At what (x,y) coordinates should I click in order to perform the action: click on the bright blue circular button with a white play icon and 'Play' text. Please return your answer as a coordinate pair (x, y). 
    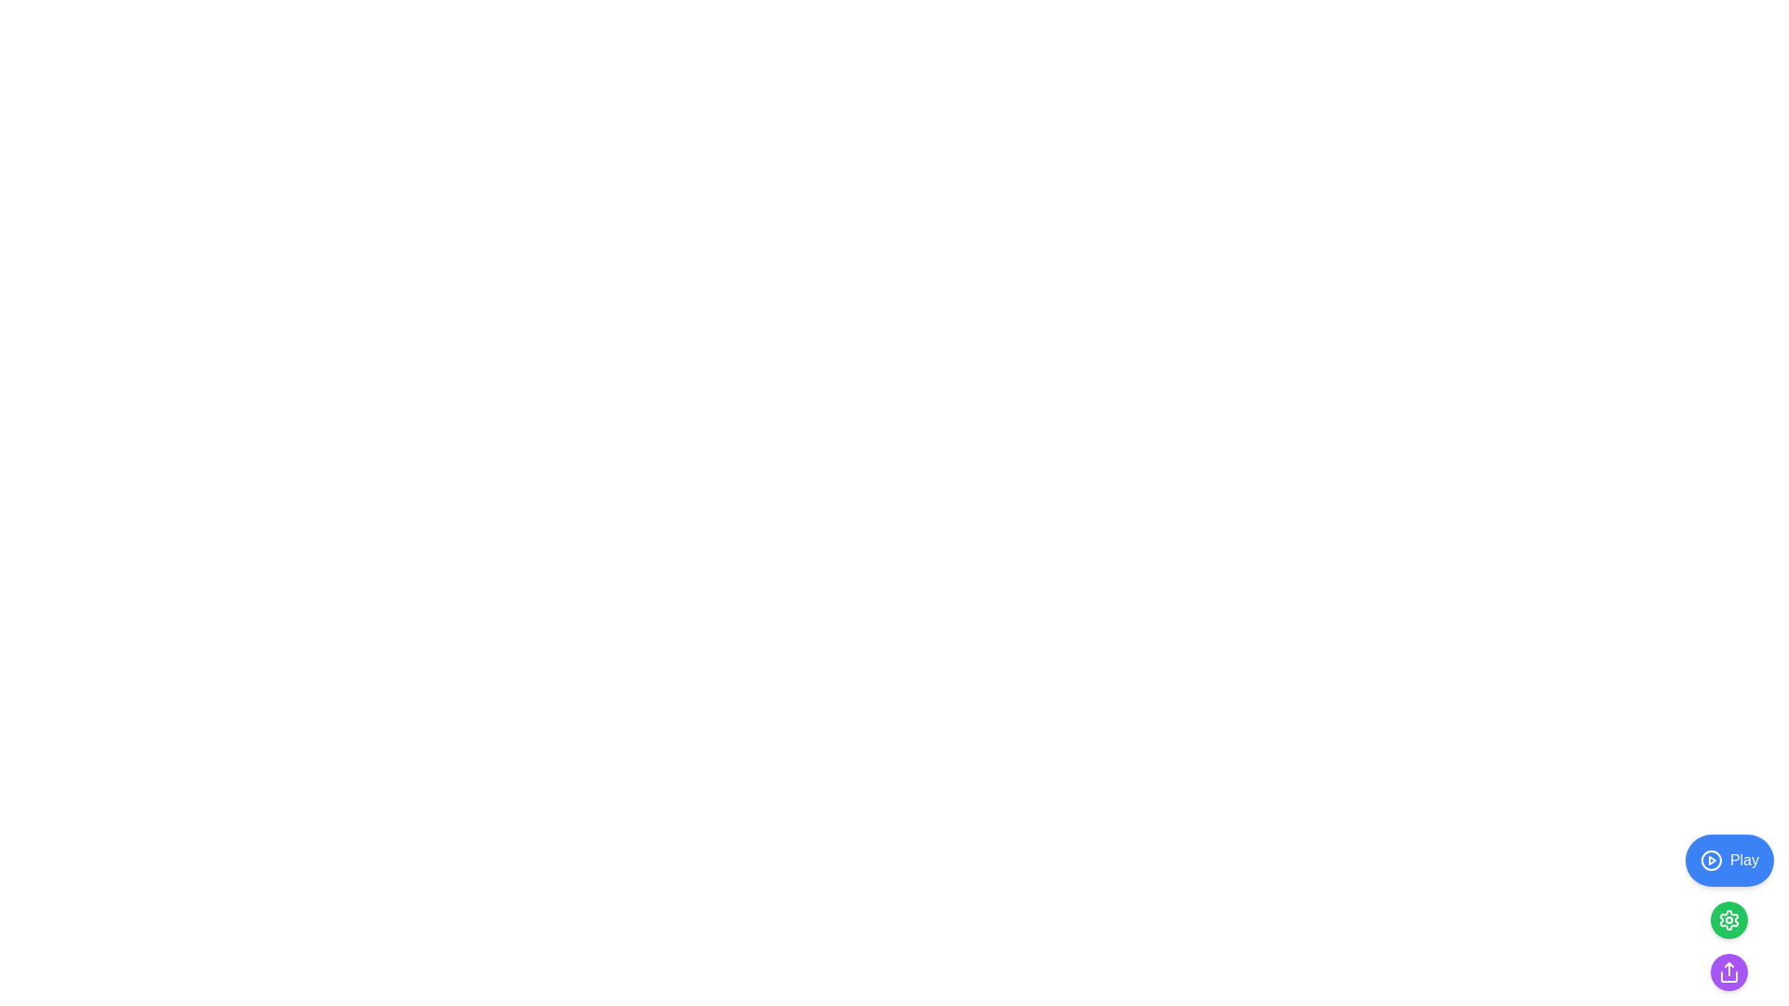
    Looking at the image, I should click on (1728, 861).